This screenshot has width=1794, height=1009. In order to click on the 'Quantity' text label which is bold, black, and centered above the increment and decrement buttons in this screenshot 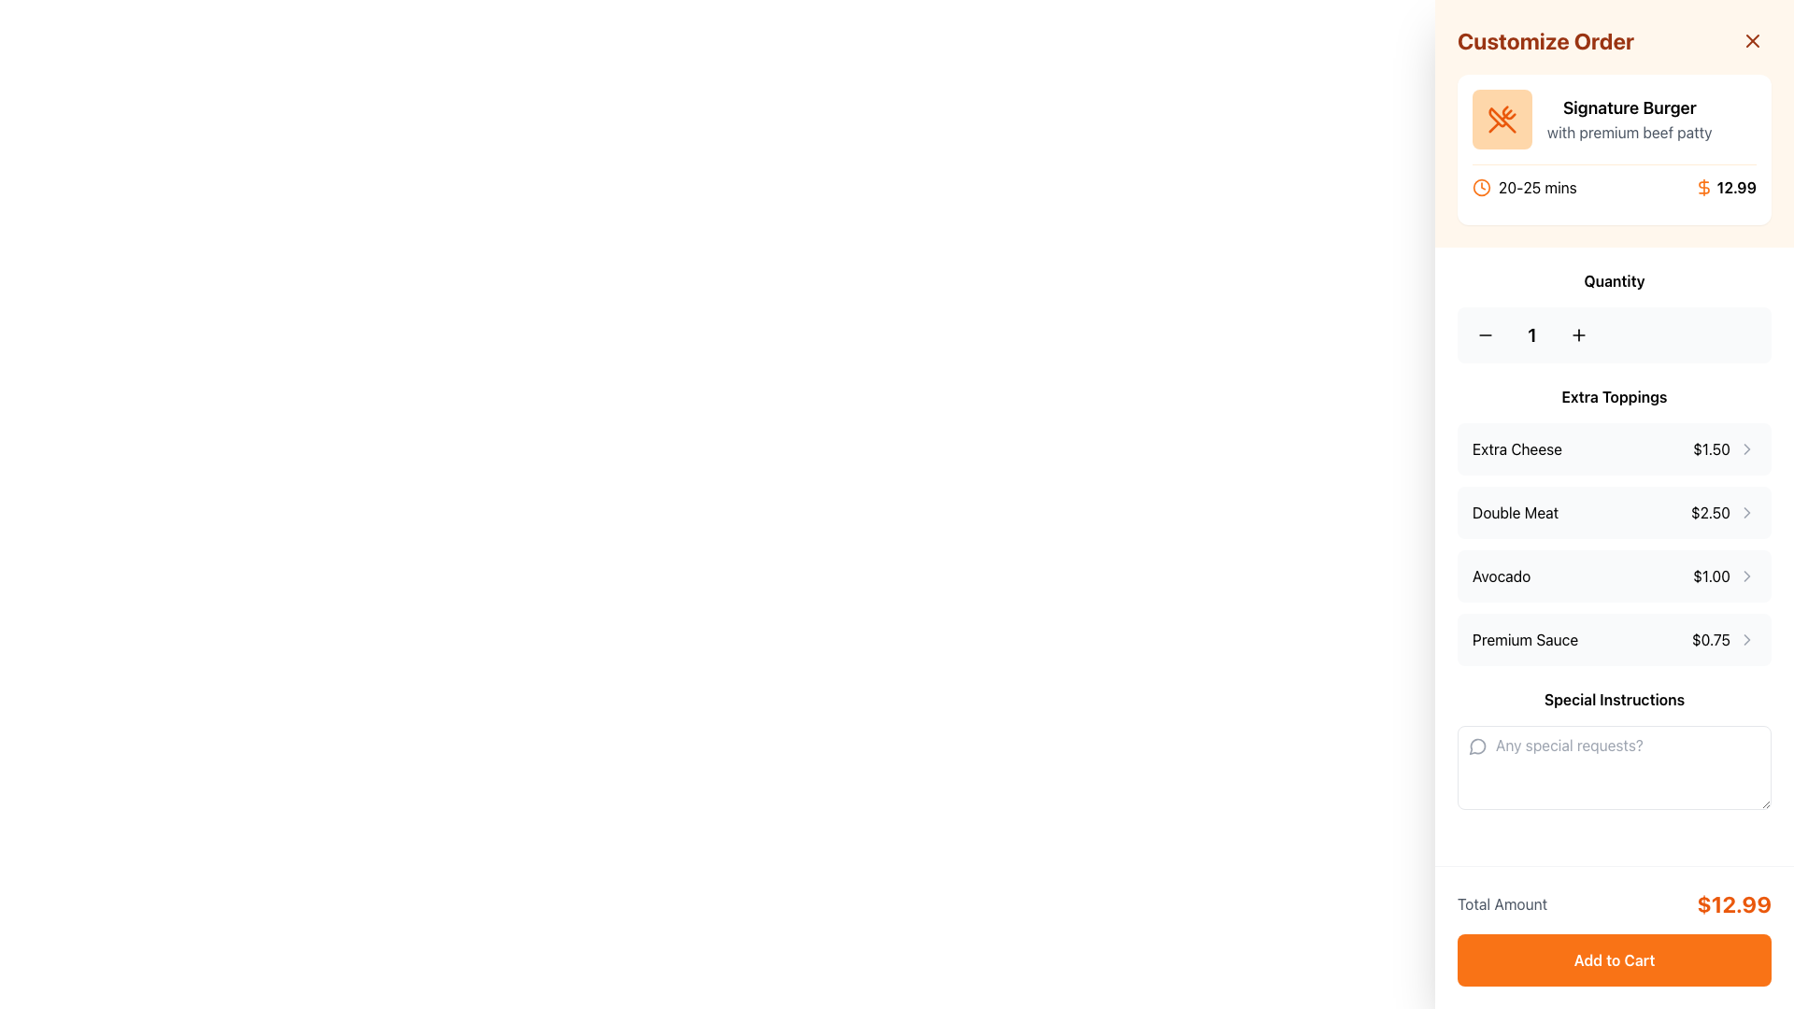, I will do `click(1614, 280)`.